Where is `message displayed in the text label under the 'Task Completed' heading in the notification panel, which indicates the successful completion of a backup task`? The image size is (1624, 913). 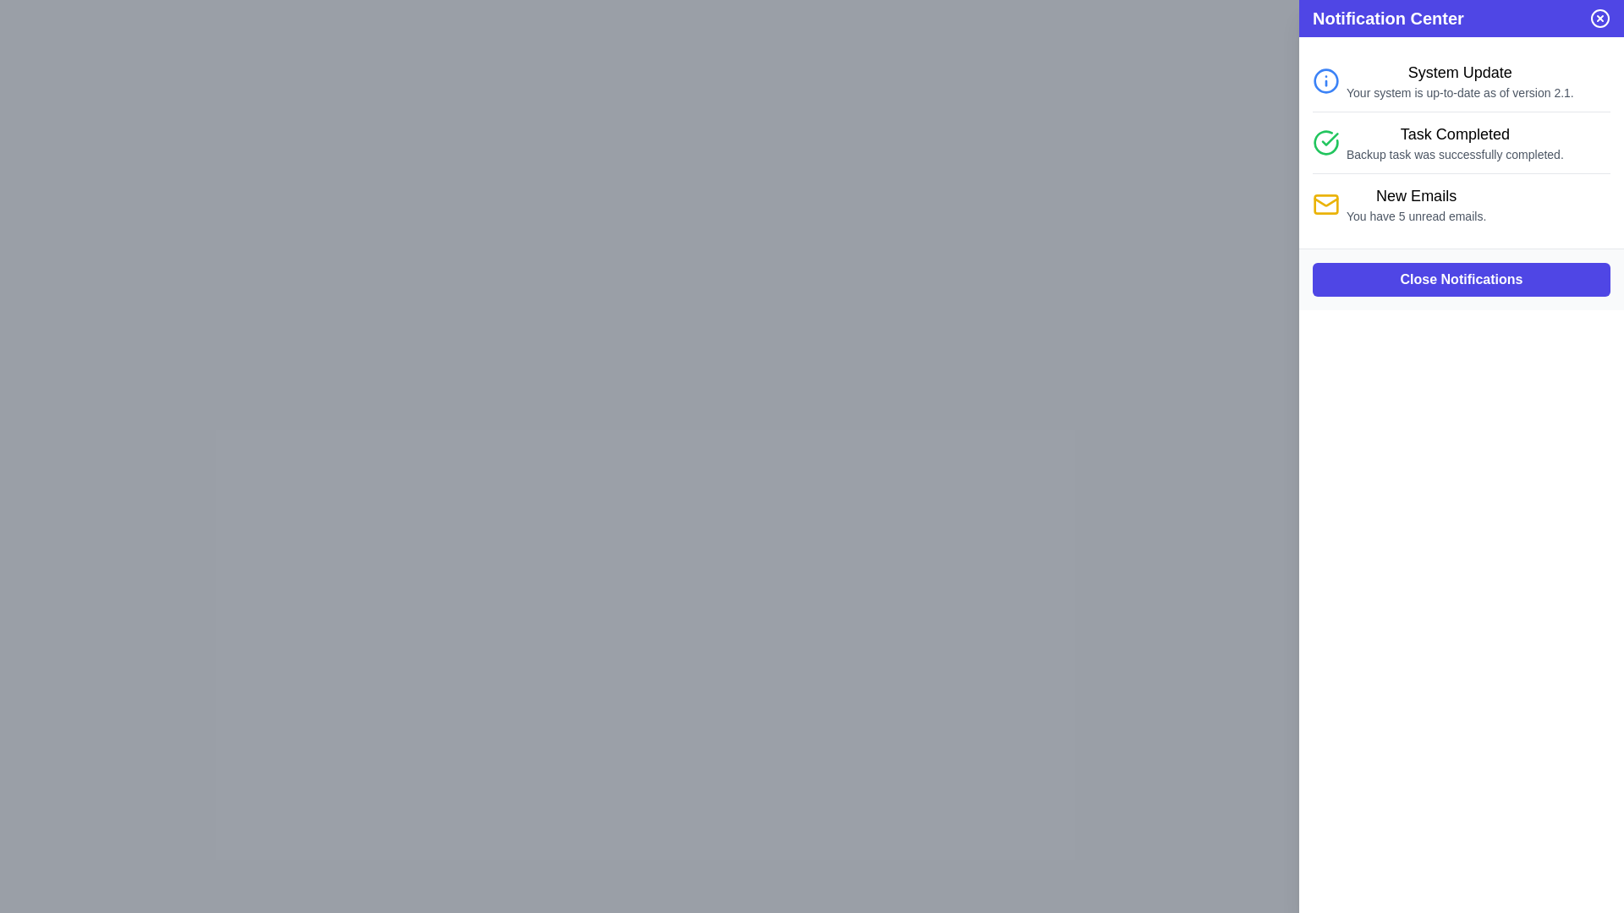 message displayed in the text label under the 'Task Completed' heading in the notification panel, which indicates the successful completion of a backup task is located at coordinates (1454, 154).